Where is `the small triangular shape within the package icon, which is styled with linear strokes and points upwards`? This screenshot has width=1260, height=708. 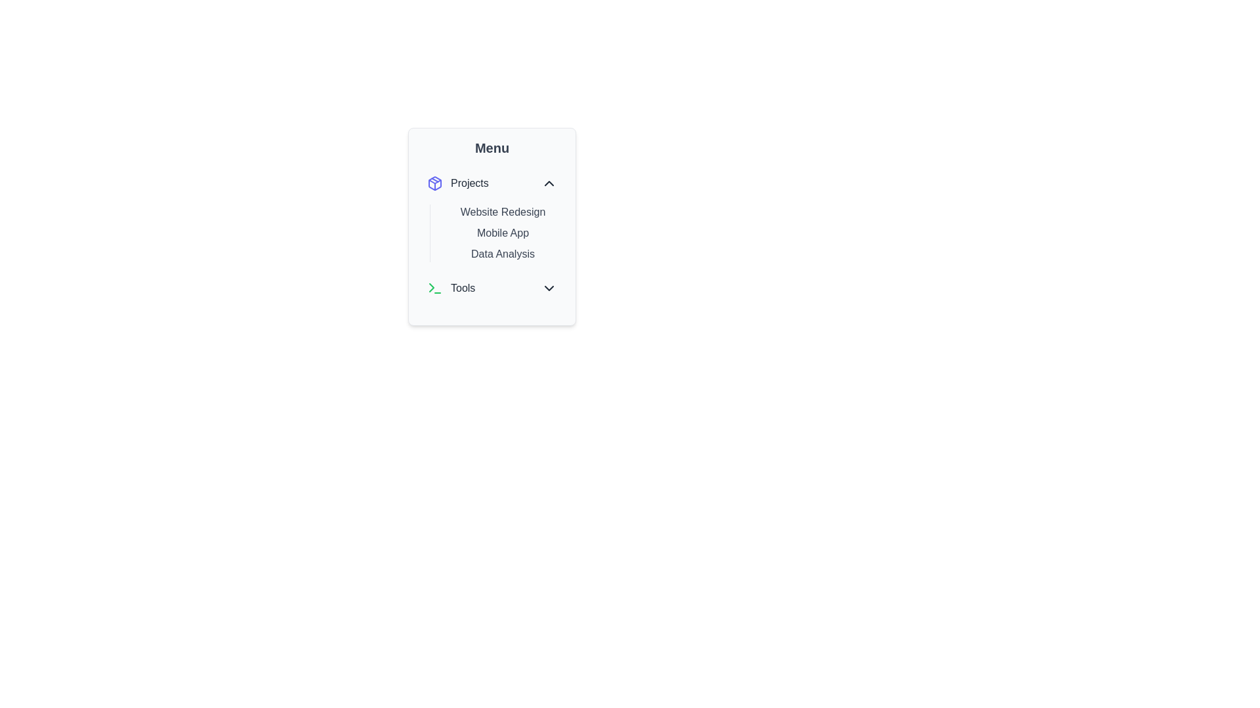 the small triangular shape within the package icon, which is styled with linear strokes and points upwards is located at coordinates (434, 182).